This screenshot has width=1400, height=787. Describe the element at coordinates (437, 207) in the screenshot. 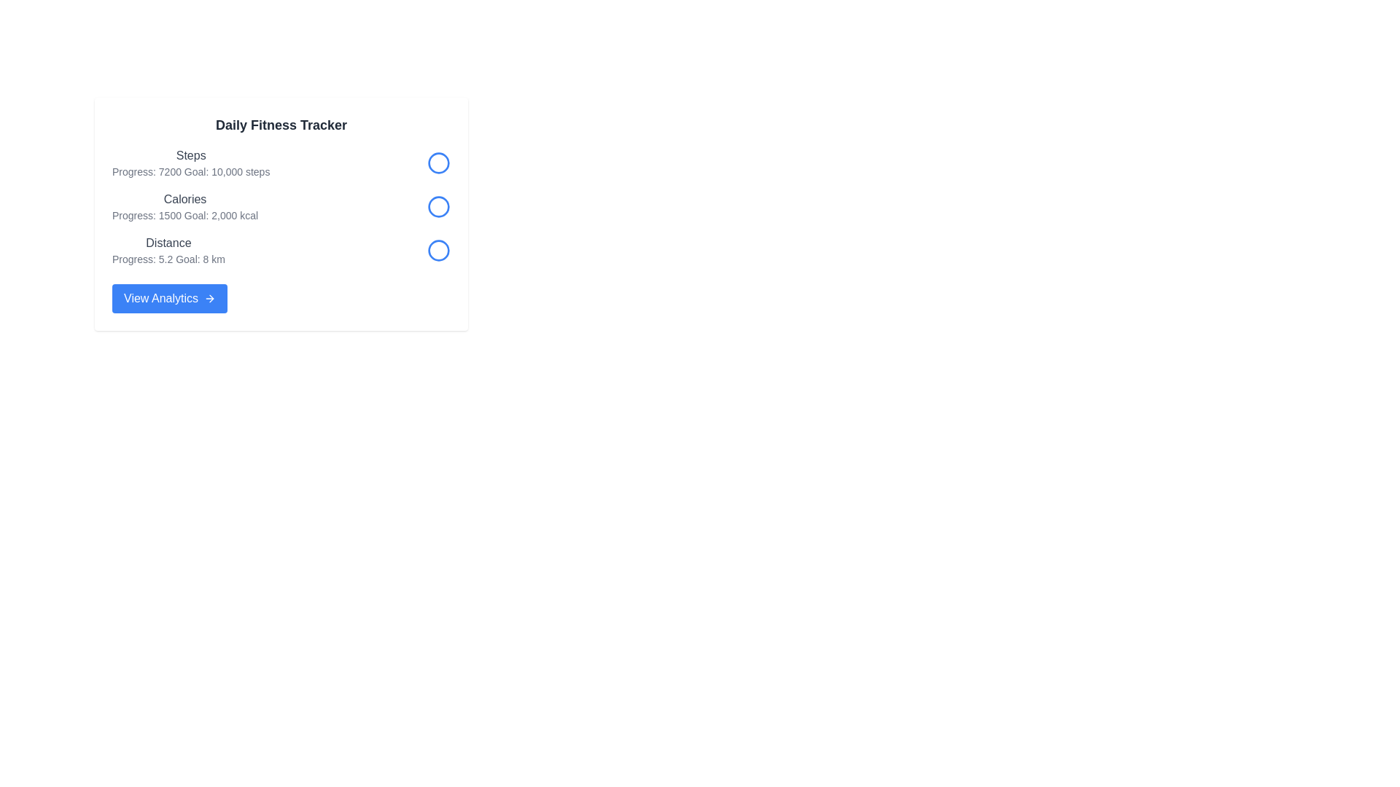

I see `the blue circular icon located to the right of the 'Calories' label` at that location.